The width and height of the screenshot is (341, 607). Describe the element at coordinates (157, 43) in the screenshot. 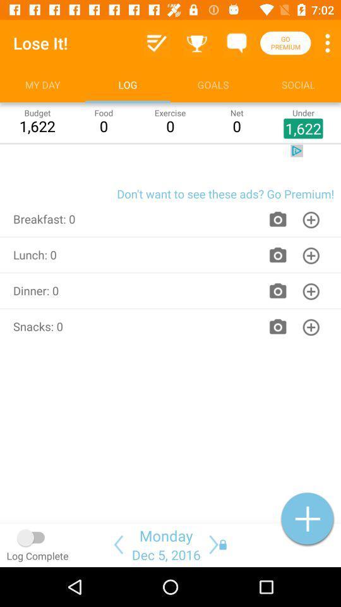

I see `the icon beside loose it` at that location.